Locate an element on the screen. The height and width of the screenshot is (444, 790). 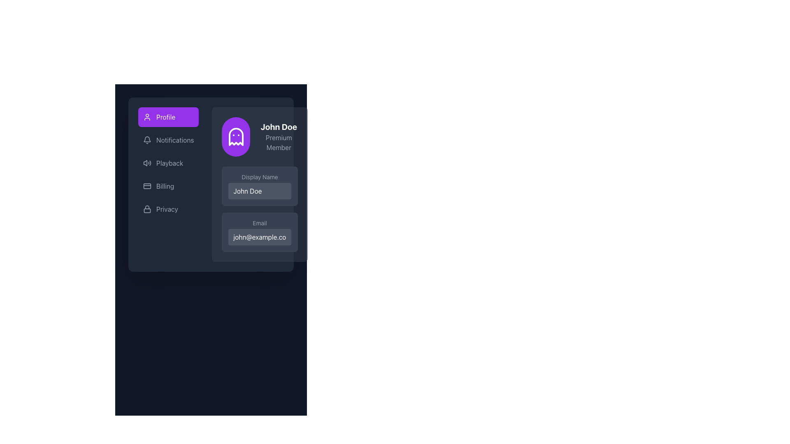
the upper central portion of the bell icon in the sidebar menu, which is part of the notification feature is located at coordinates (147, 139).